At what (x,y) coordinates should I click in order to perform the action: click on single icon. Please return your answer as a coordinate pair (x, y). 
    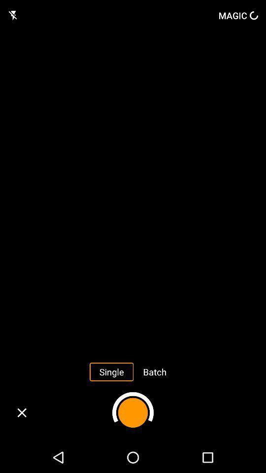
    Looking at the image, I should click on (111, 371).